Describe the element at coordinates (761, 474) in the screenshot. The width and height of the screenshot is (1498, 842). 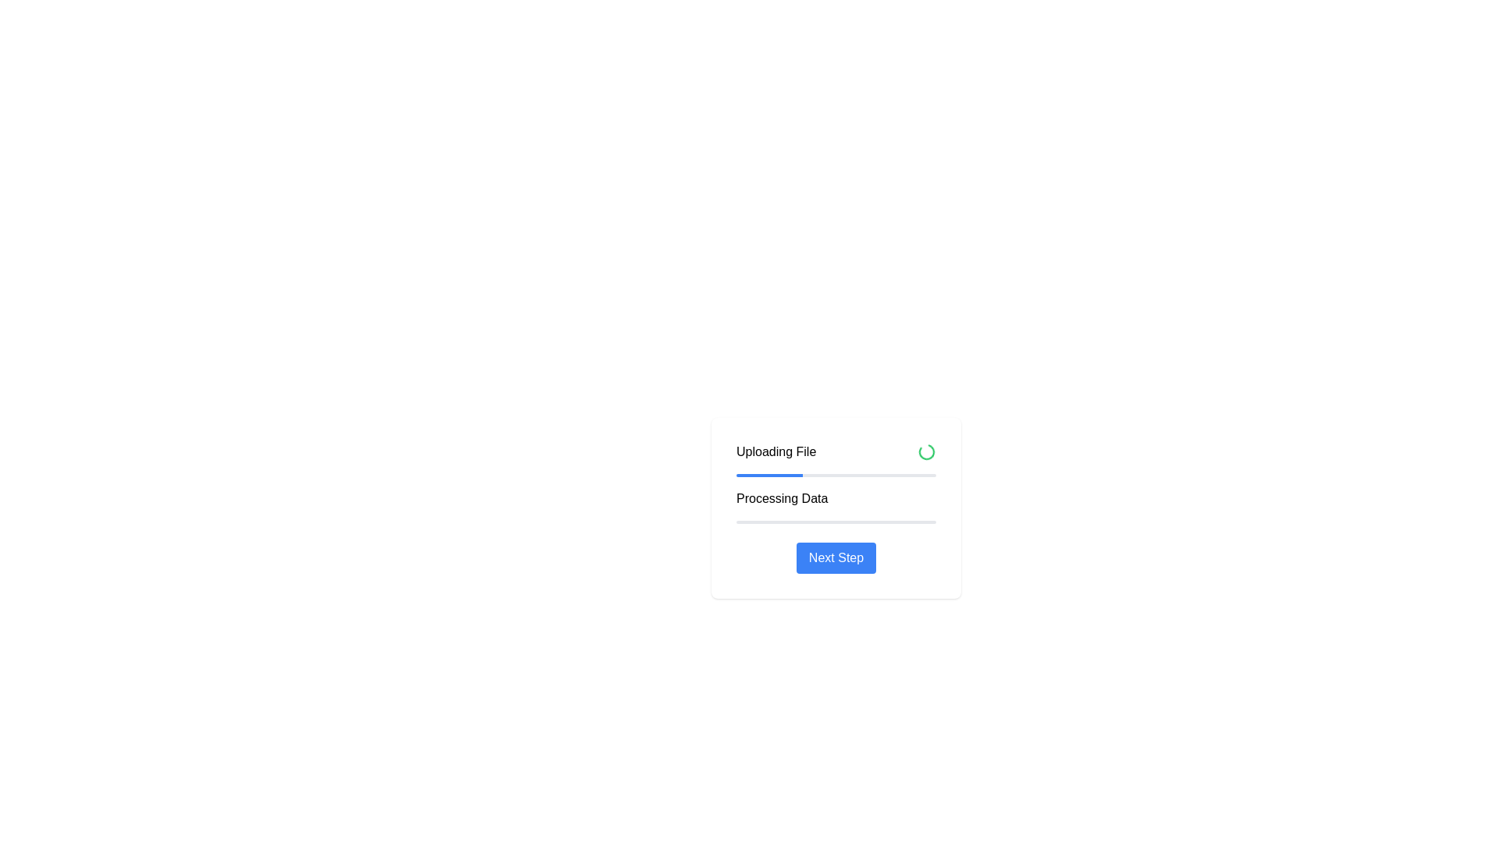
I see `the progress bar` at that location.